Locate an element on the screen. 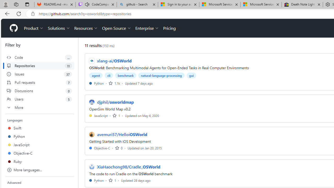 This screenshot has height=188, width=334. 'Resources' is located at coordinates (86, 28).